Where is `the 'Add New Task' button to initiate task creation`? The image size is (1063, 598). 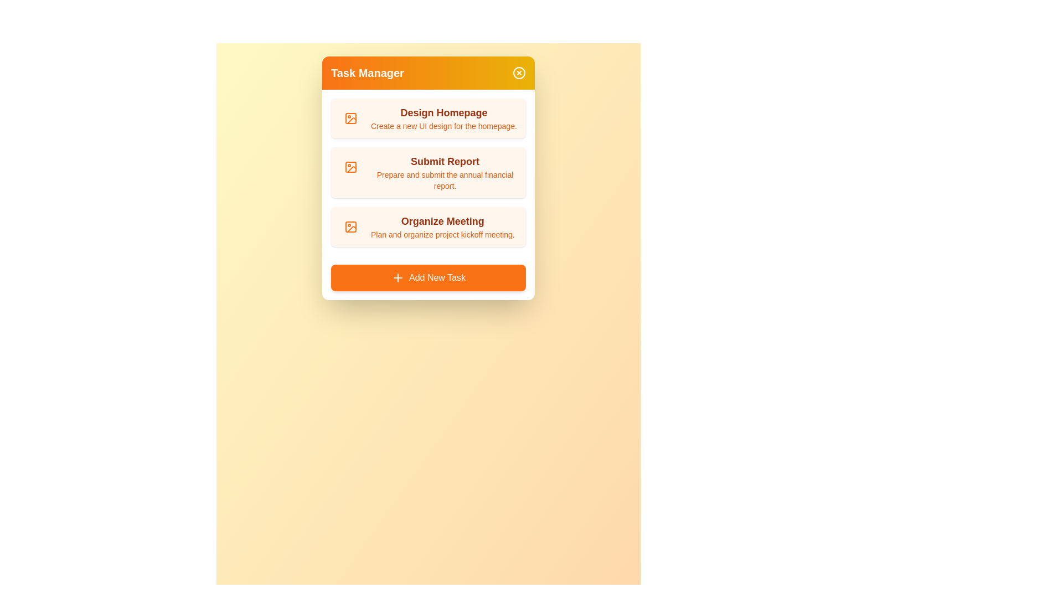 the 'Add New Task' button to initiate task creation is located at coordinates (427, 277).